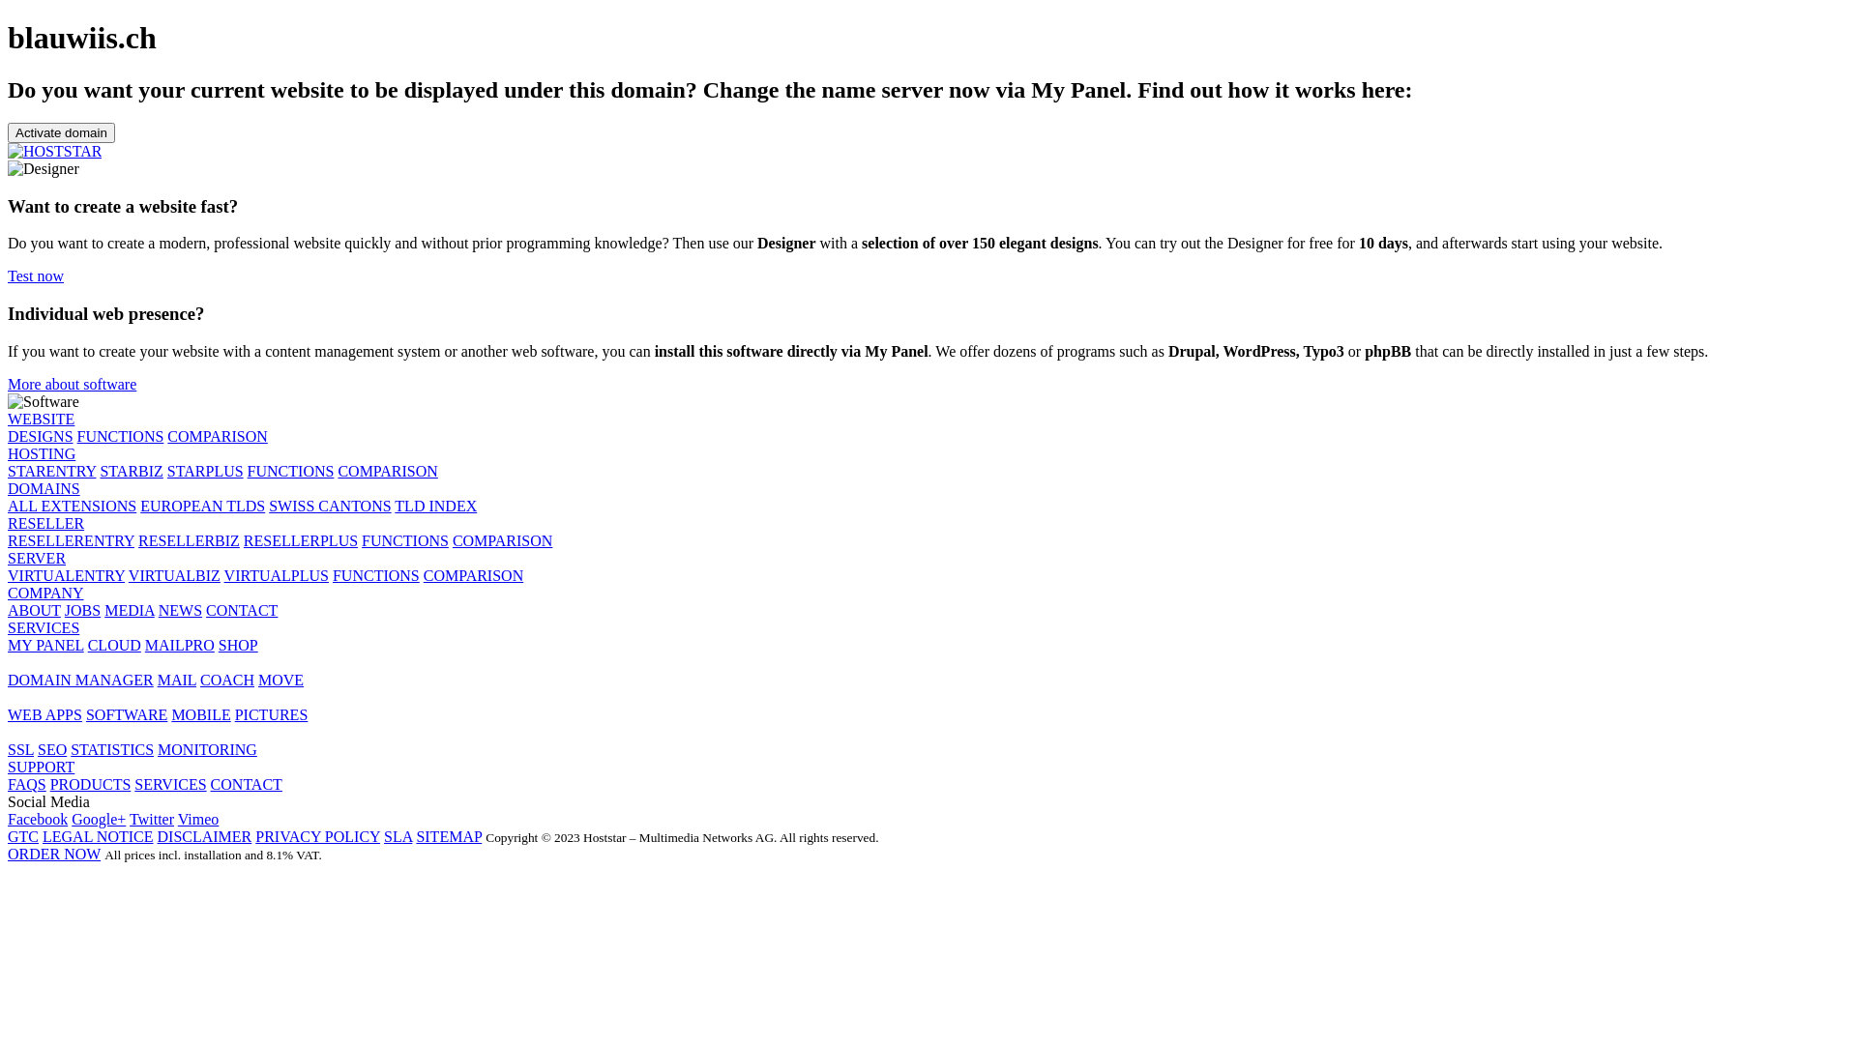  Describe the element at coordinates (204, 835) in the screenshot. I see `'DISCLAIMER'` at that location.